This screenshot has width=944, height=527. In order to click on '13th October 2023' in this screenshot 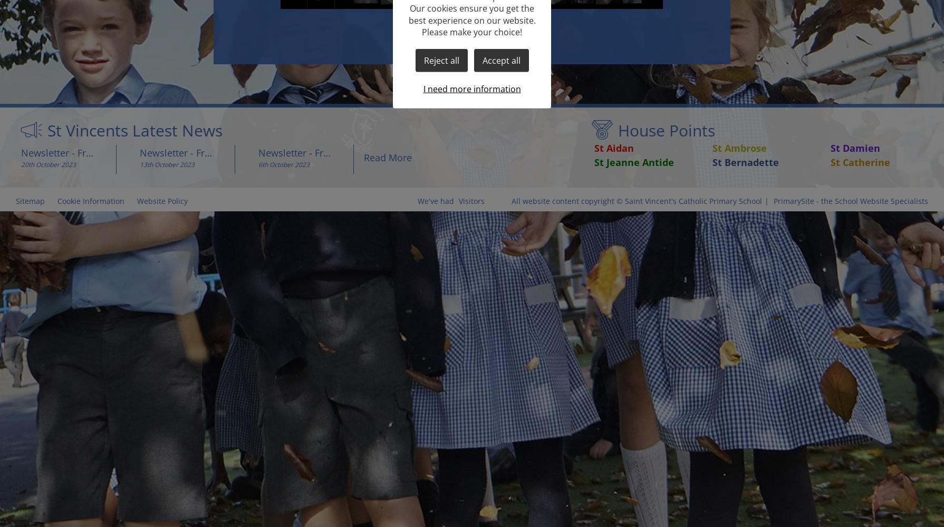, I will do `click(167, 164)`.